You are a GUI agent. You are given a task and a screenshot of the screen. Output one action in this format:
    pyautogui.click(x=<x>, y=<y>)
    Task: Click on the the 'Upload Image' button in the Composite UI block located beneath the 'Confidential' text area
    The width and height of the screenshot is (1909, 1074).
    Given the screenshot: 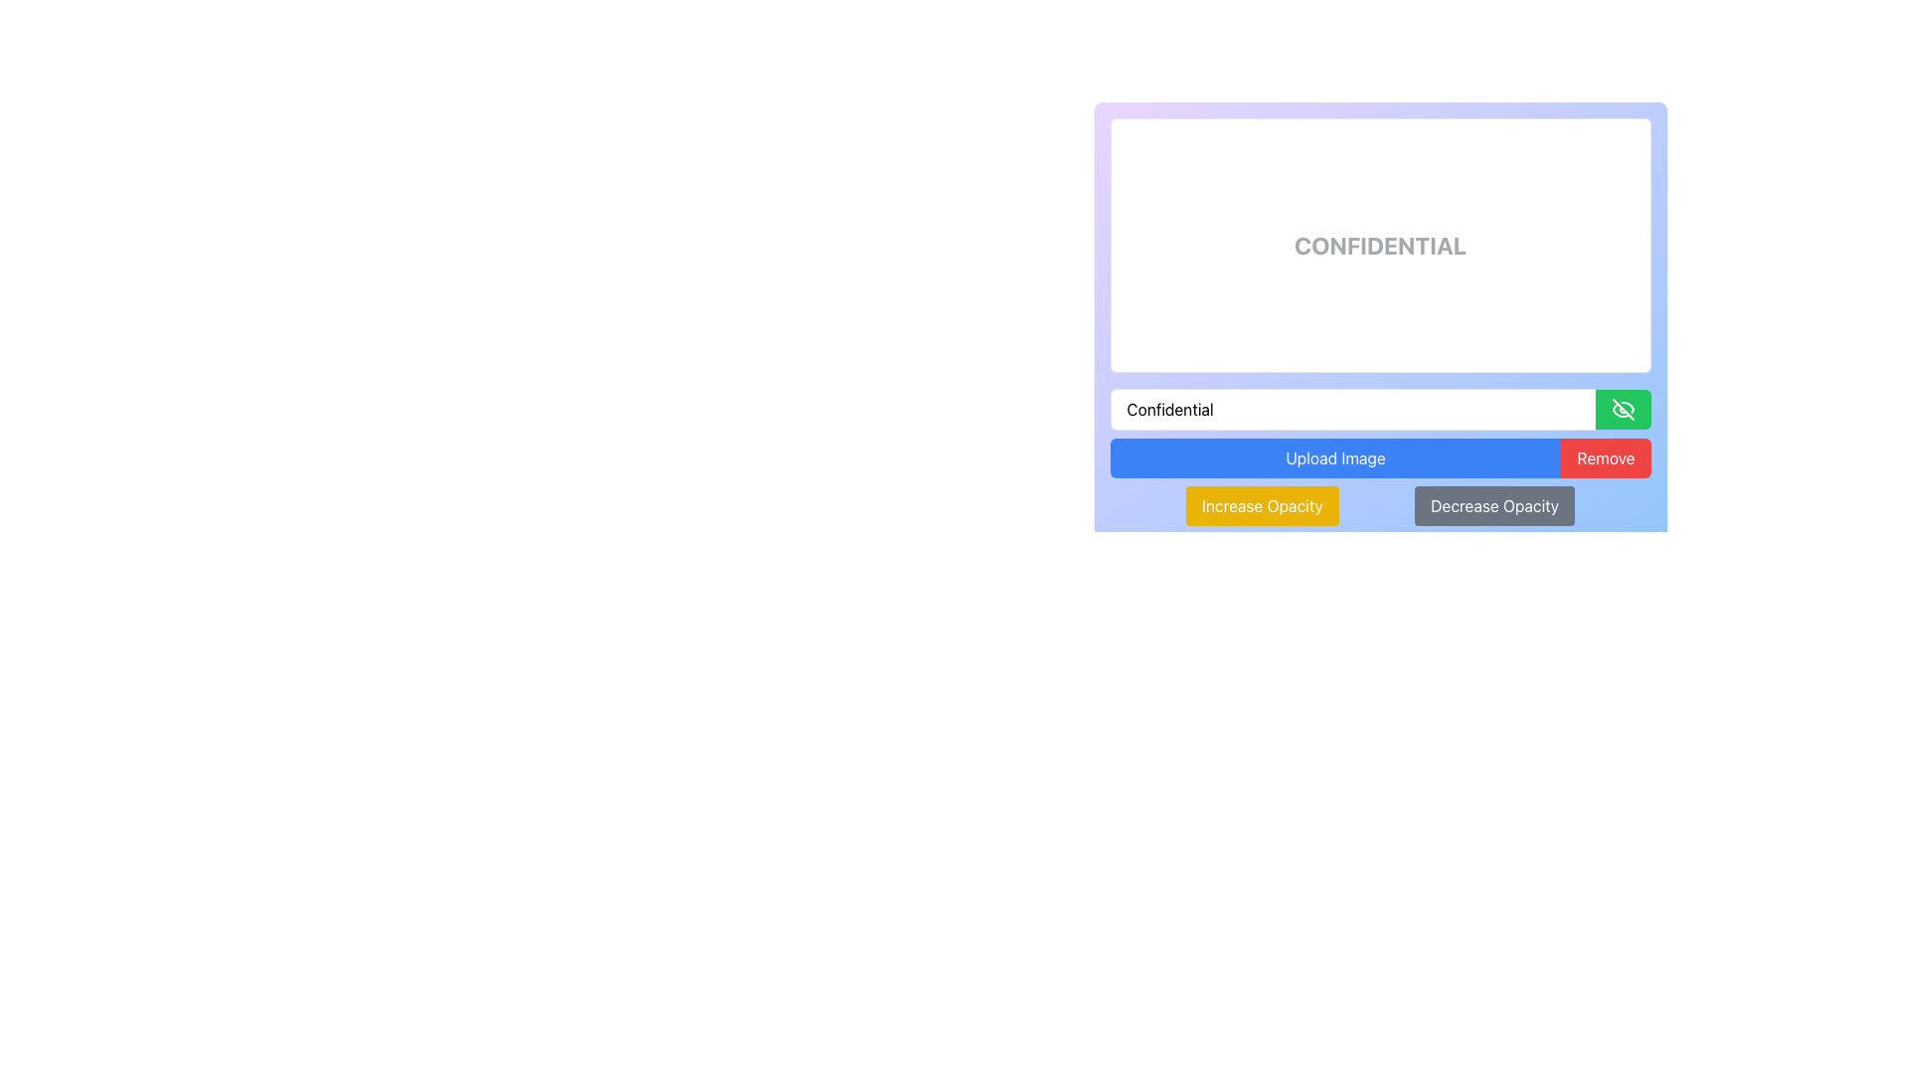 What is the action you would take?
    pyautogui.click(x=1379, y=456)
    